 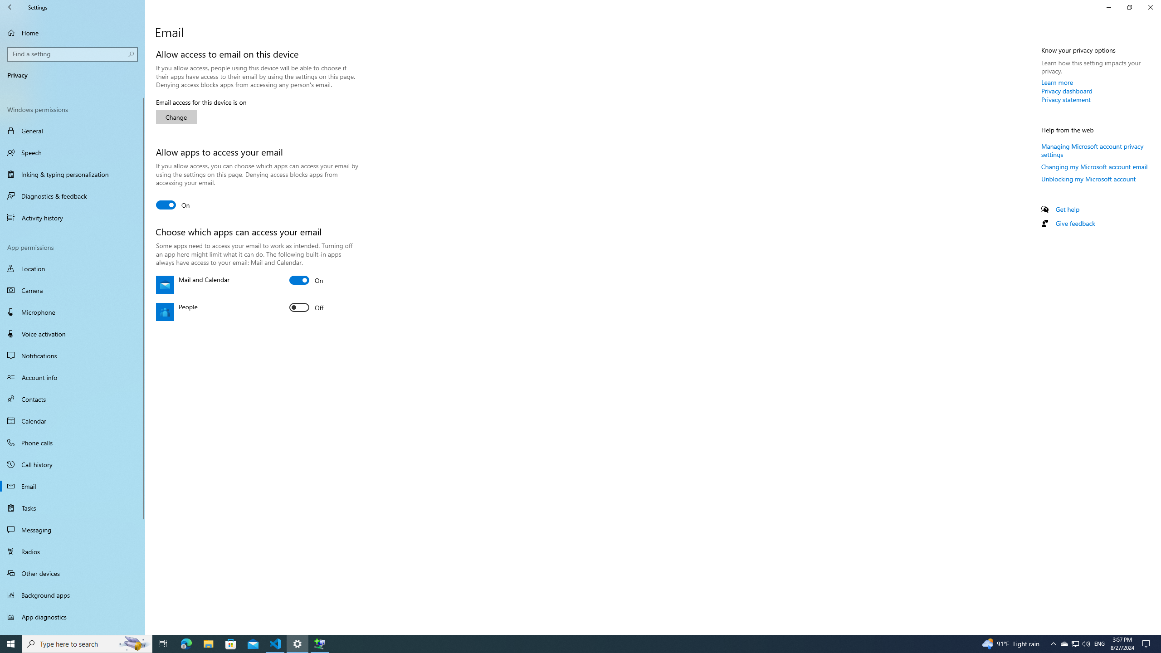 I want to click on 'Close Settings', so click(x=1108, y=7).